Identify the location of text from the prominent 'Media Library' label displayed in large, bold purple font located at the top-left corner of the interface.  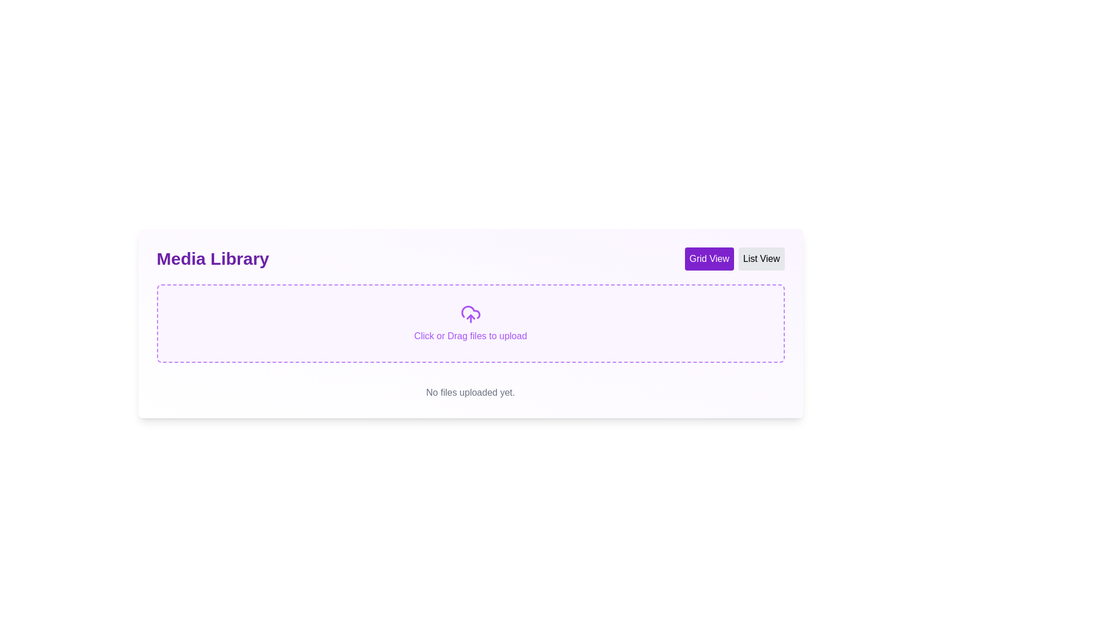
(213, 258).